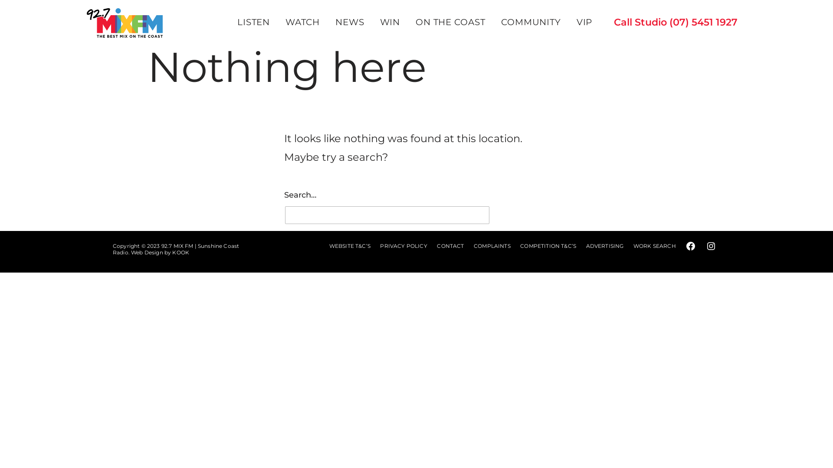  What do you see at coordinates (604, 246) in the screenshot?
I see `'ADVERTISING'` at bounding box center [604, 246].